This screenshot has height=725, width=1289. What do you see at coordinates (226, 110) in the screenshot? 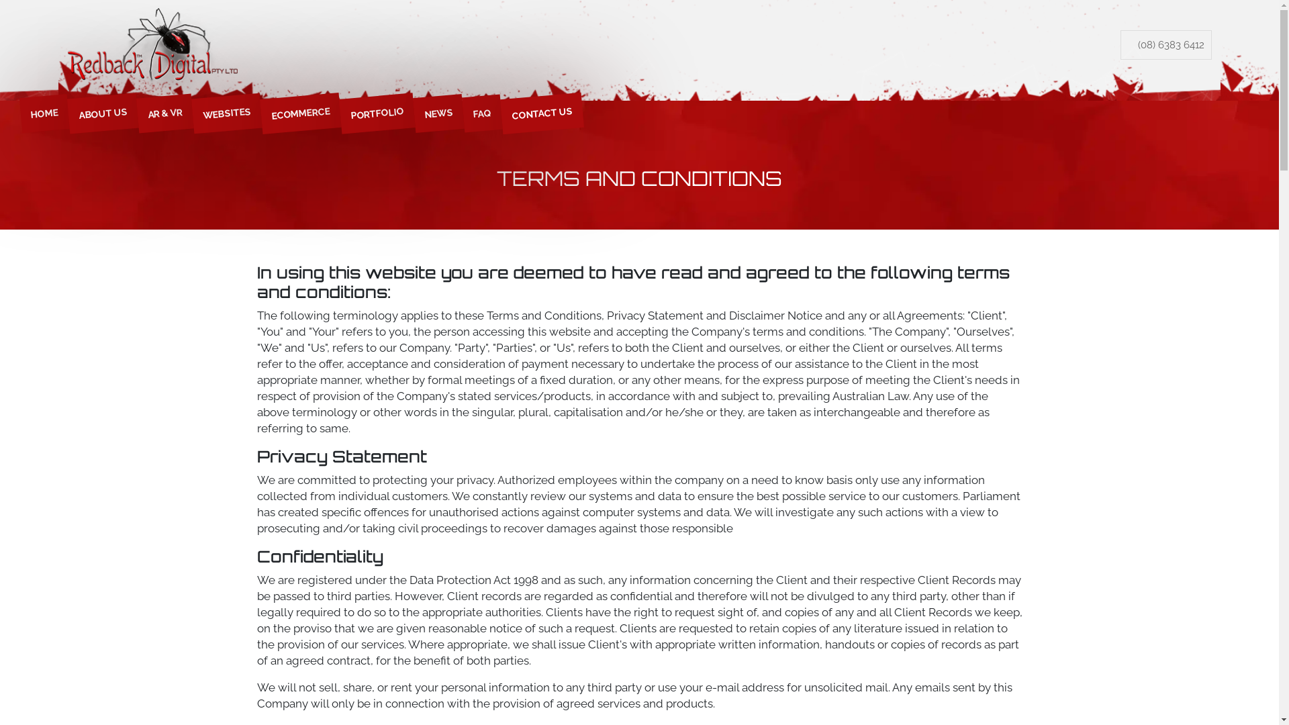
I see `'WEBSITES'` at bounding box center [226, 110].